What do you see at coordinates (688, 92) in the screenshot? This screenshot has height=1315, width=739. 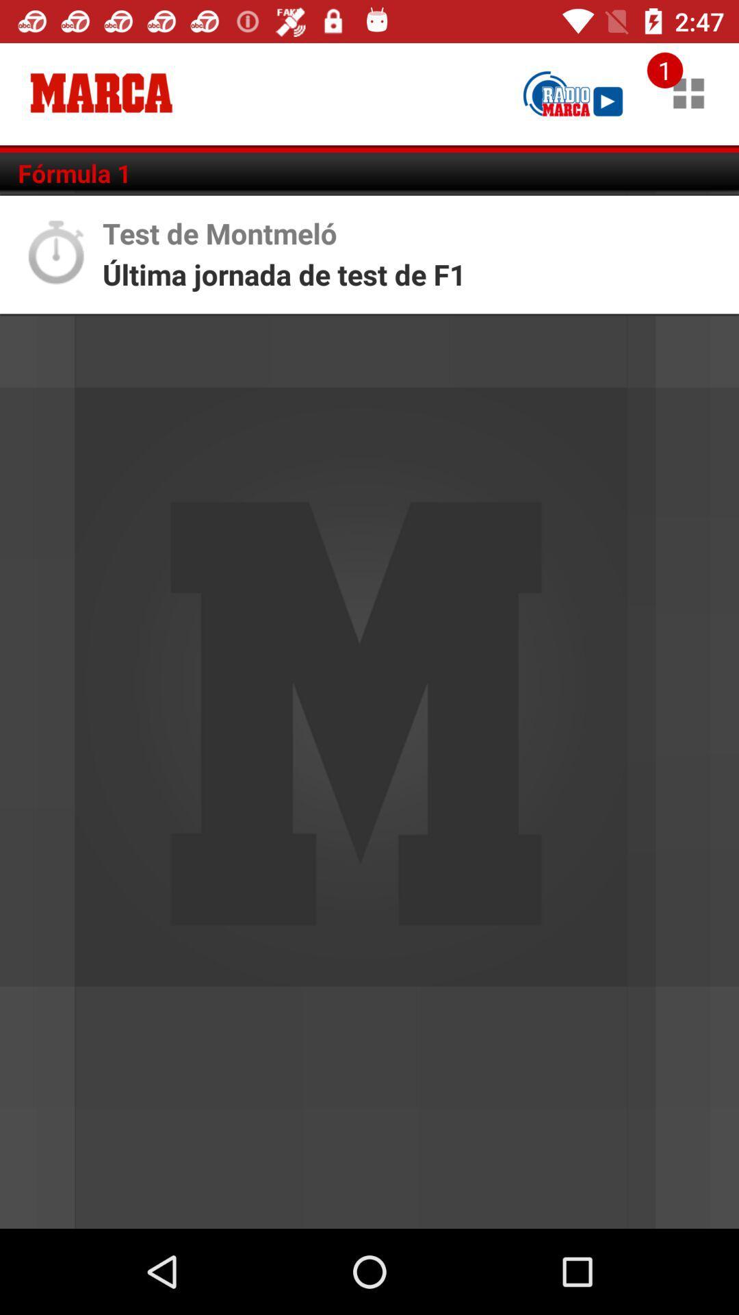 I see `icon` at bounding box center [688, 92].